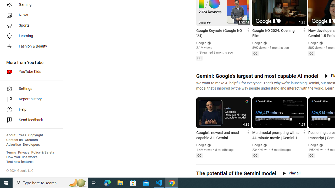 The height and width of the screenshot is (188, 335). What do you see at coordinates (291, 173) in the screenshot?
I see `'Play all'` at bounding box center [291, 173].